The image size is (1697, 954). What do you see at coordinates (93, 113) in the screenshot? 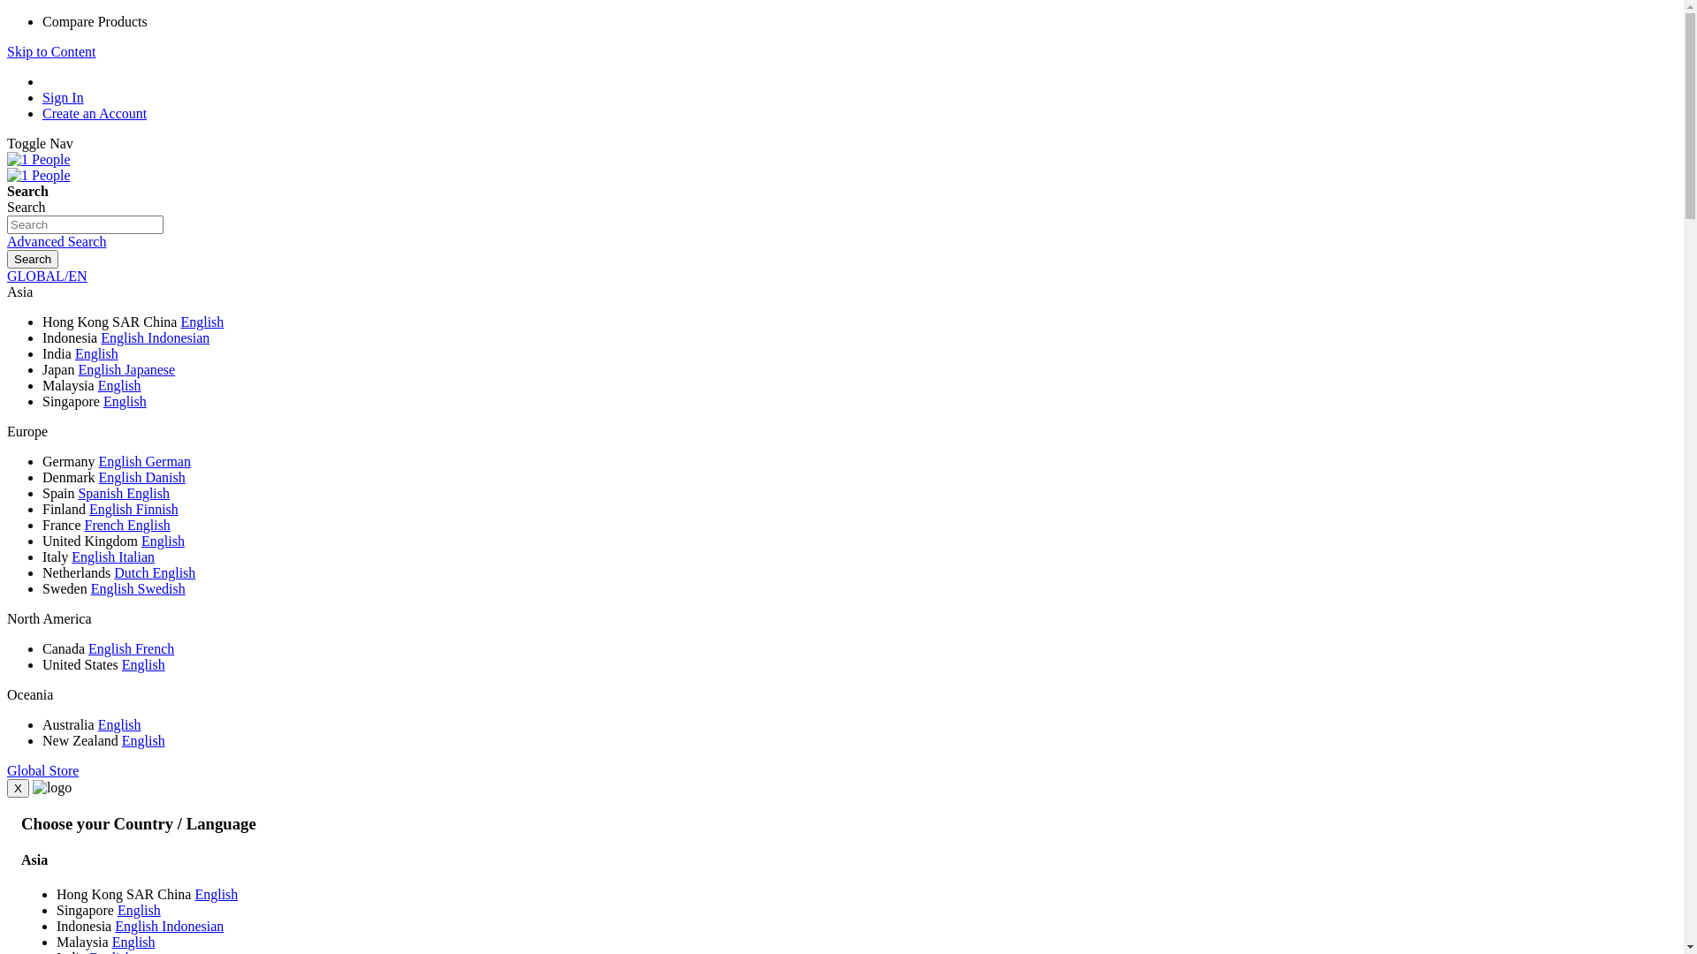
I see `'Create an Account'` at bounding box center [93, 113].